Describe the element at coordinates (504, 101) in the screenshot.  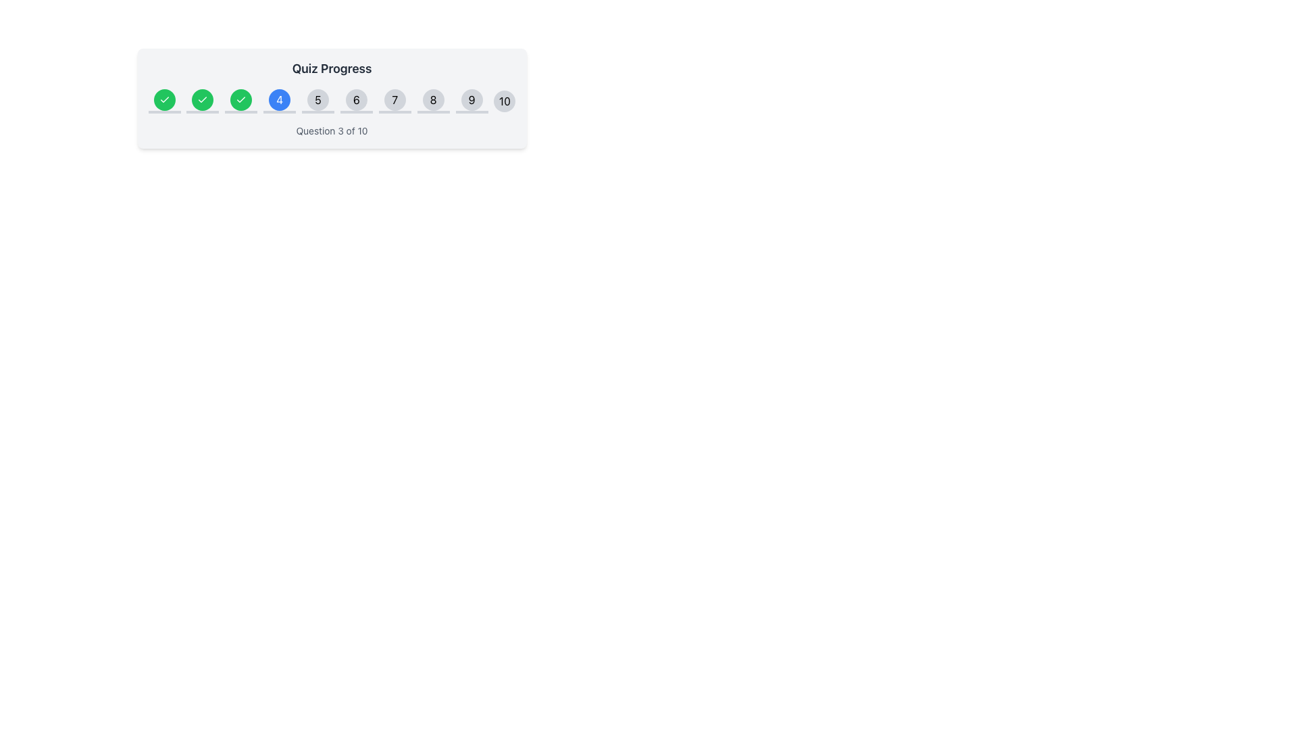
I see `the last circular indicator element labeled '10' in a horizontal series of numbered stages` at that location.